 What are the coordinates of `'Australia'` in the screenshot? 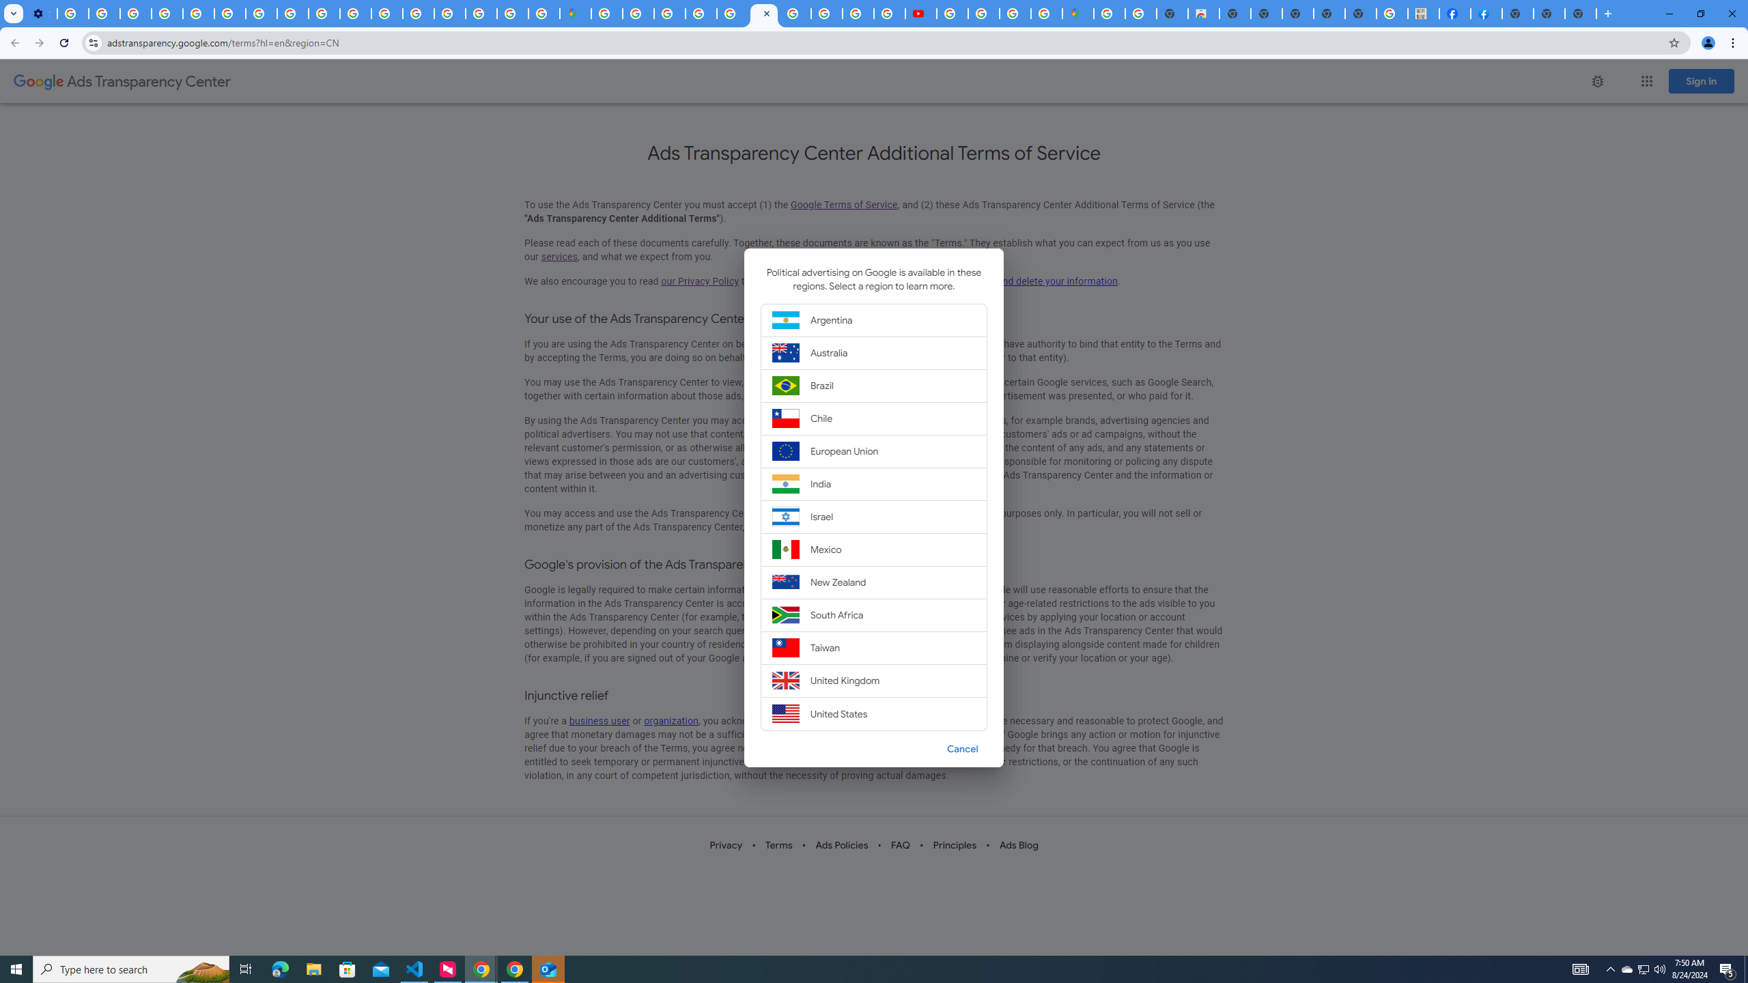 It's located at (874, 352).